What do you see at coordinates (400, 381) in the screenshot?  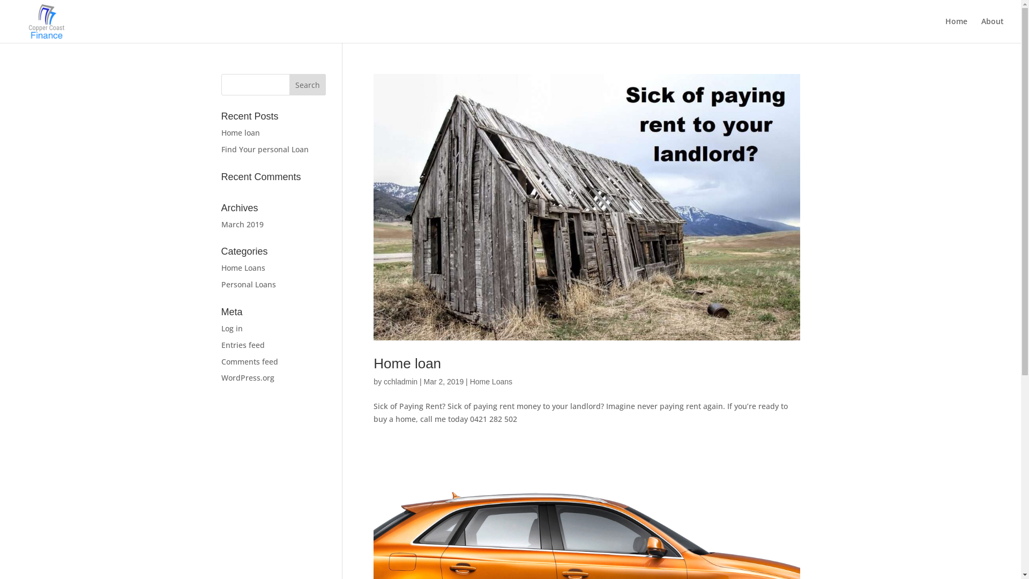 I see `'cchladmin'` at bounding box center [400, 381].